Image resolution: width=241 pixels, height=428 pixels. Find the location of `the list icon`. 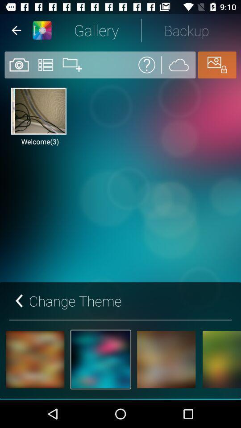

the list icon is located at coordinates (46, 64).